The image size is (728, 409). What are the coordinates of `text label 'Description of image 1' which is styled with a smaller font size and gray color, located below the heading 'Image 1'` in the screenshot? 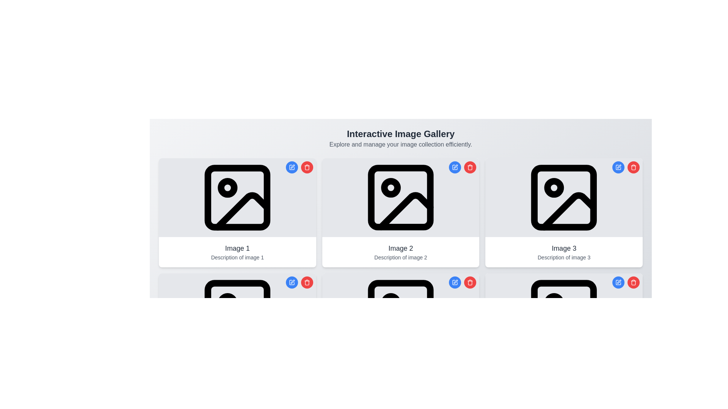 It's located at (237, 257).